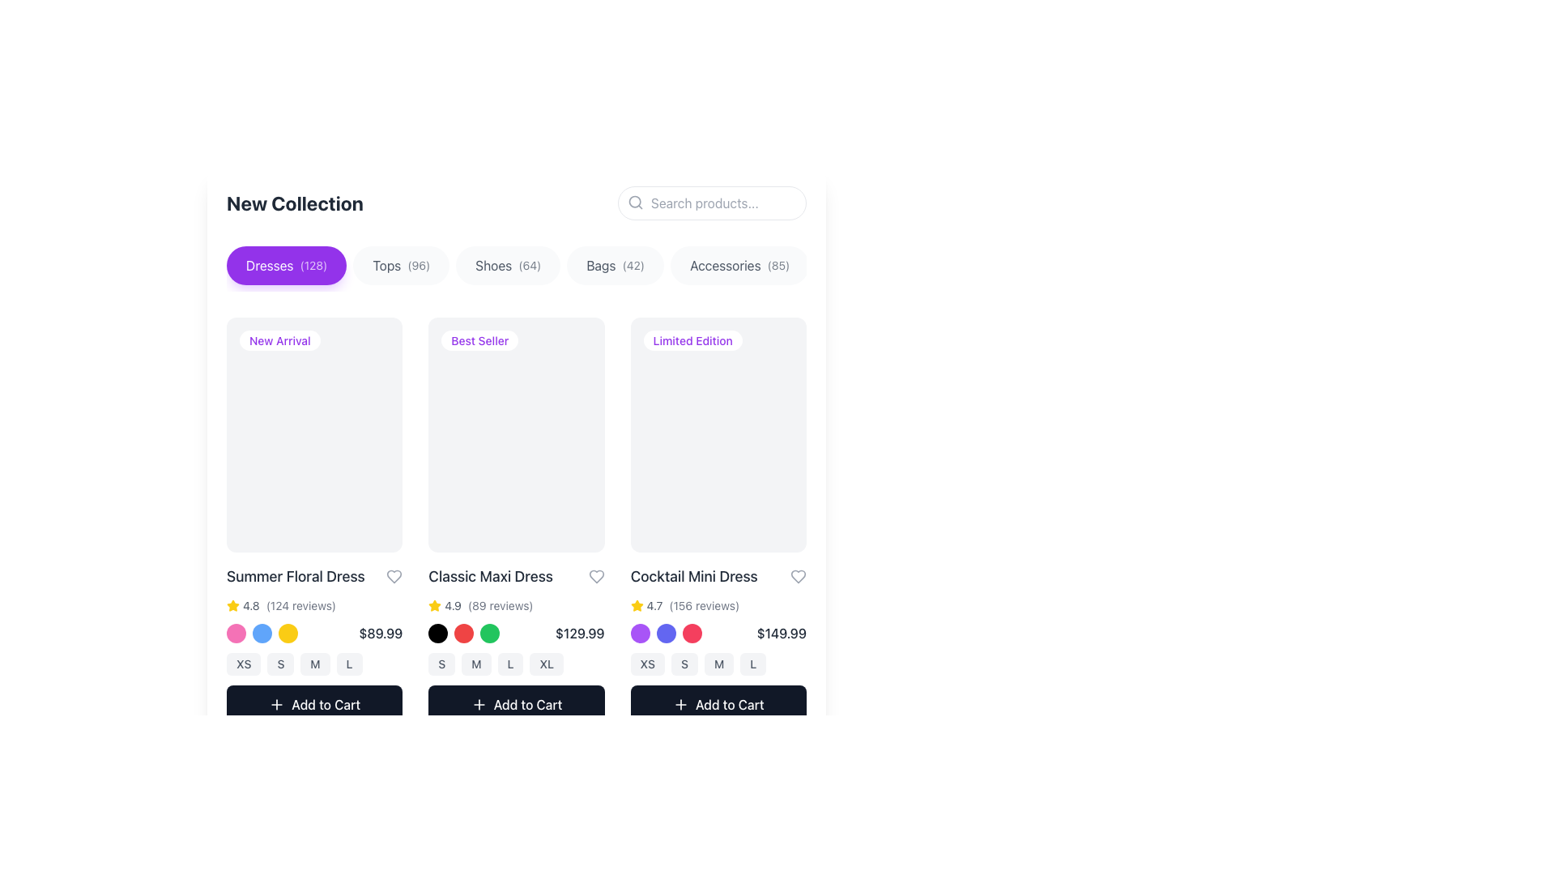 Image resolution: width=1555 pixels, height=875 pixels. Describe the element at coordinates (782, 632) in the screenshot. I see `price label displaying '$149.99' located beneath the color options in the product listing for 'Cocktail Mini Dress'` at that location.